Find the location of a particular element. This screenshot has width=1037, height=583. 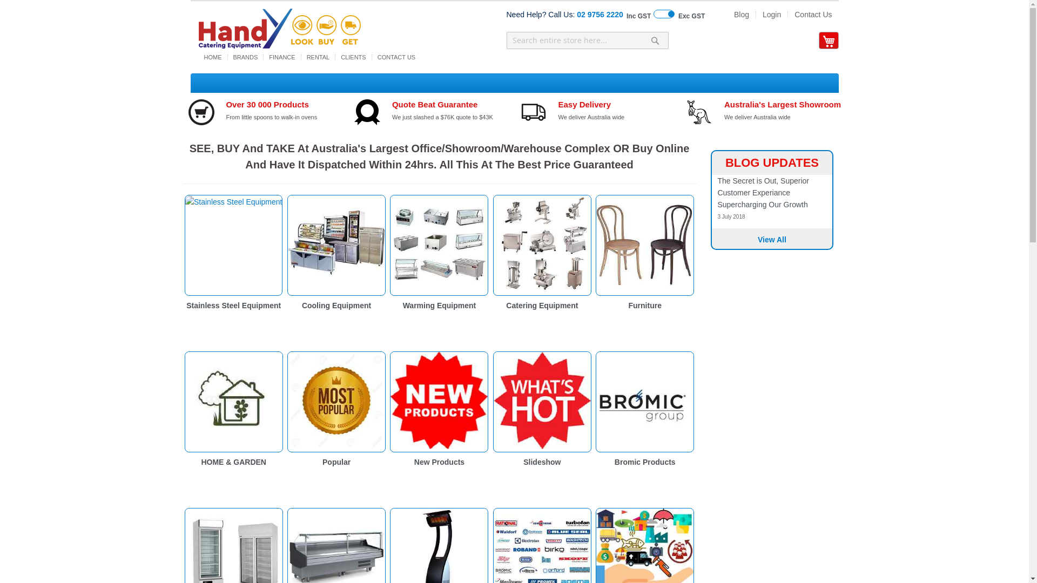

'FINANCE' is located at coordinates (264, 57).